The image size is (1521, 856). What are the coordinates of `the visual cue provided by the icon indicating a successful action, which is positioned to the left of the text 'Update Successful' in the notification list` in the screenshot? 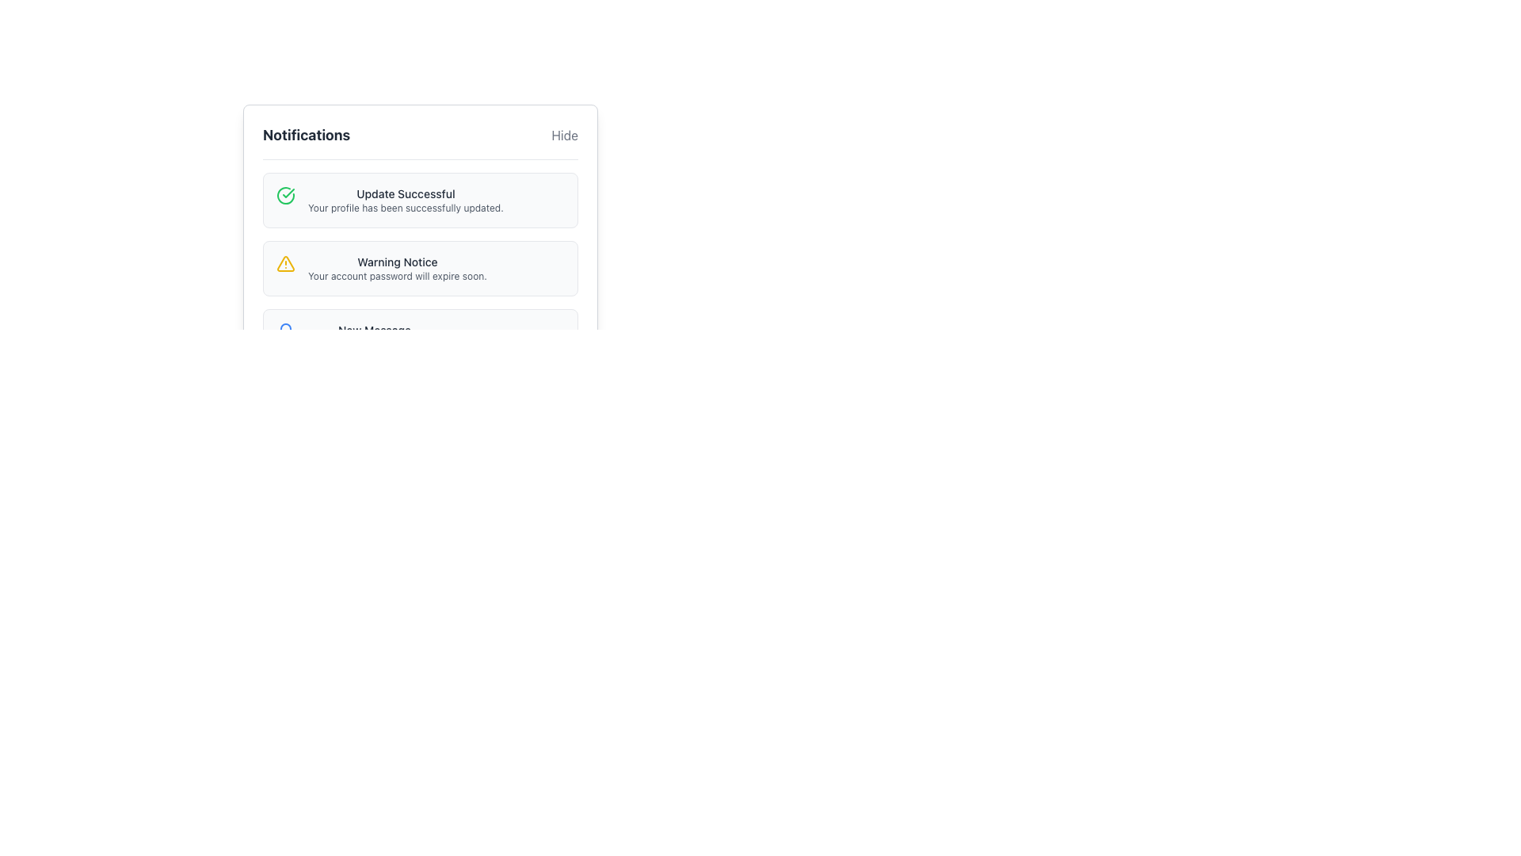 It's located at (285, 194).